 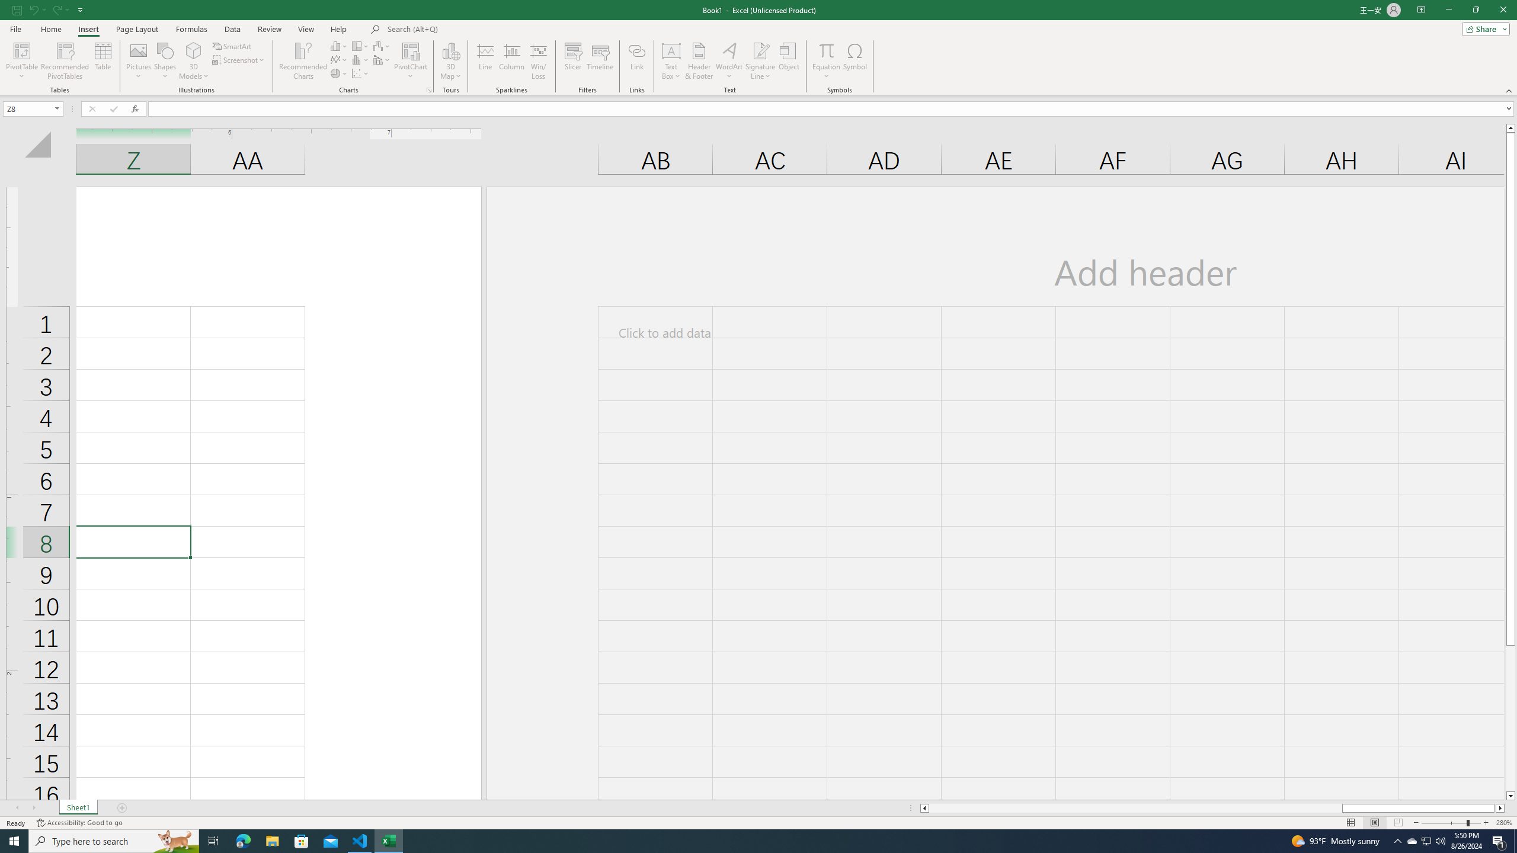 I want to click on 'Recommended Charts', so click(x=428, y=89).